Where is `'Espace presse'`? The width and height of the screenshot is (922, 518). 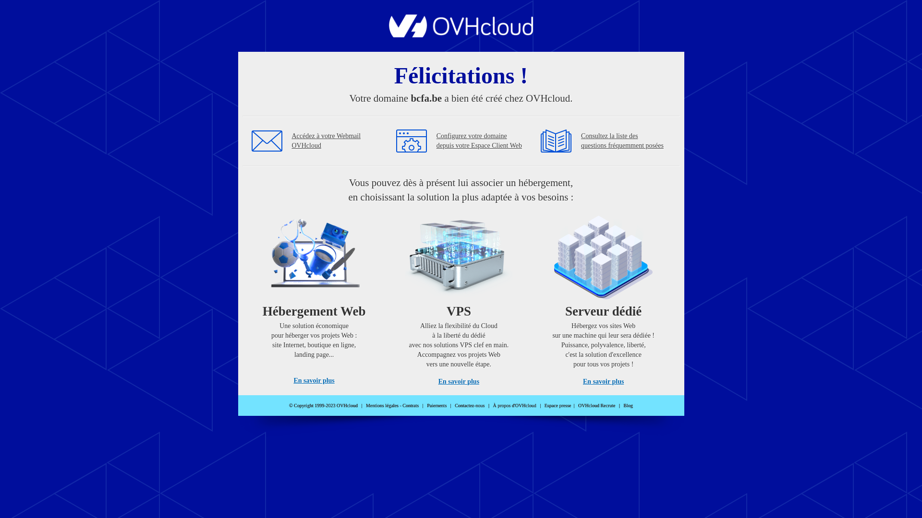
'Espace presse' is located at coordinates (558, 405).